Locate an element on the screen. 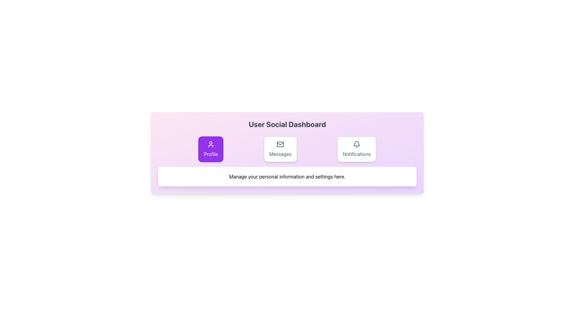 The height and width of the screenshot is (329, 585). the 'Notifications' text label, which is medium-dark gray and located beneath the bell icon in the rightmost button on the dashboard interface is located at coordinates (357, 154).